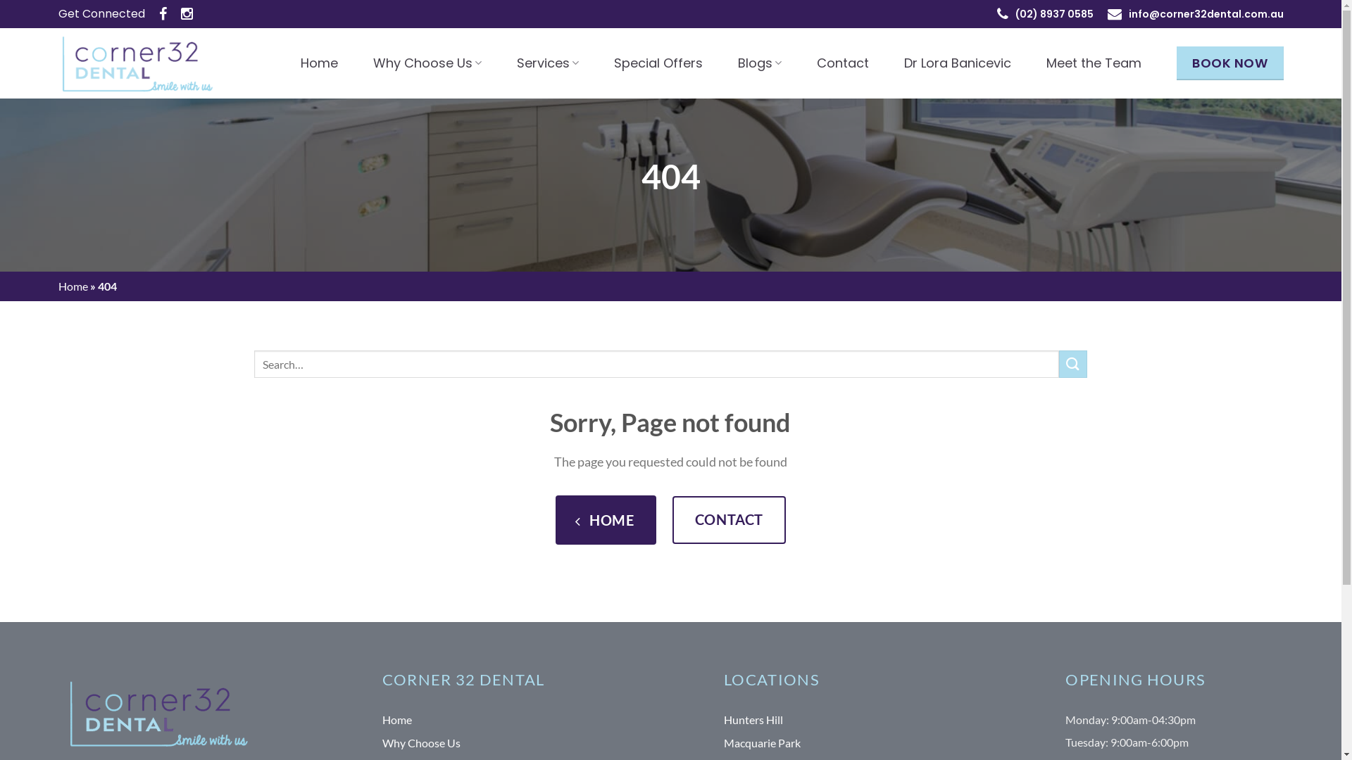  I want to click on 'Dr Lora Banicevic', so click(957, 62).